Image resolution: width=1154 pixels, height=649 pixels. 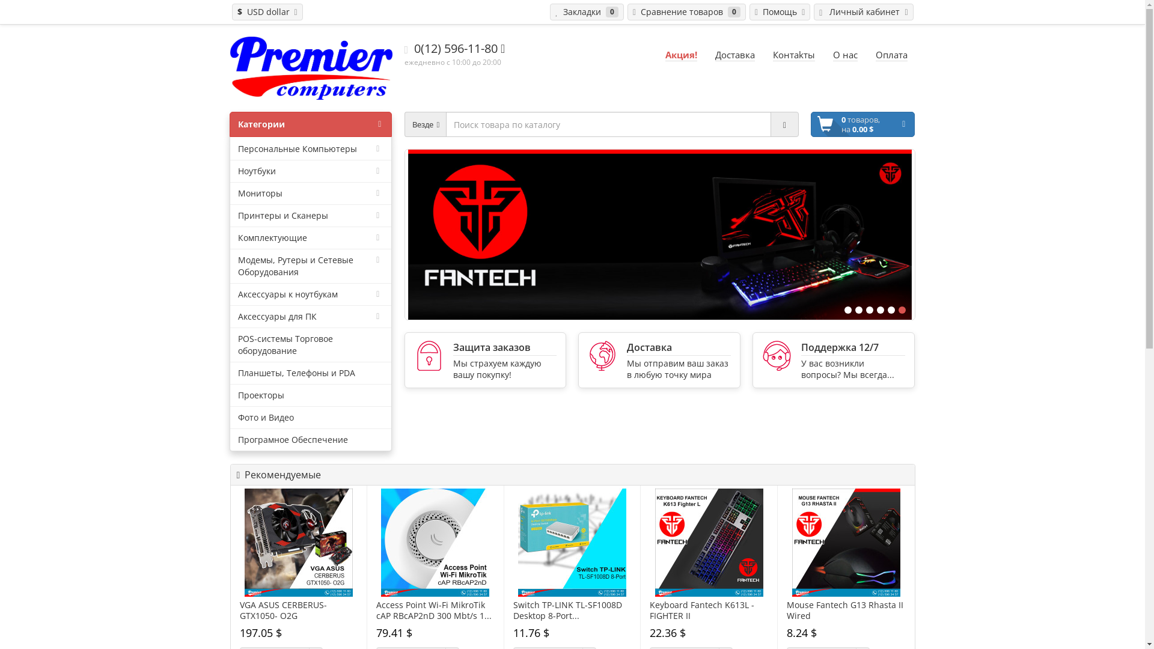 I want to click on 'VGA ASUS CERBERUS-GTX1050- O2G', so click(x=244, y=542).